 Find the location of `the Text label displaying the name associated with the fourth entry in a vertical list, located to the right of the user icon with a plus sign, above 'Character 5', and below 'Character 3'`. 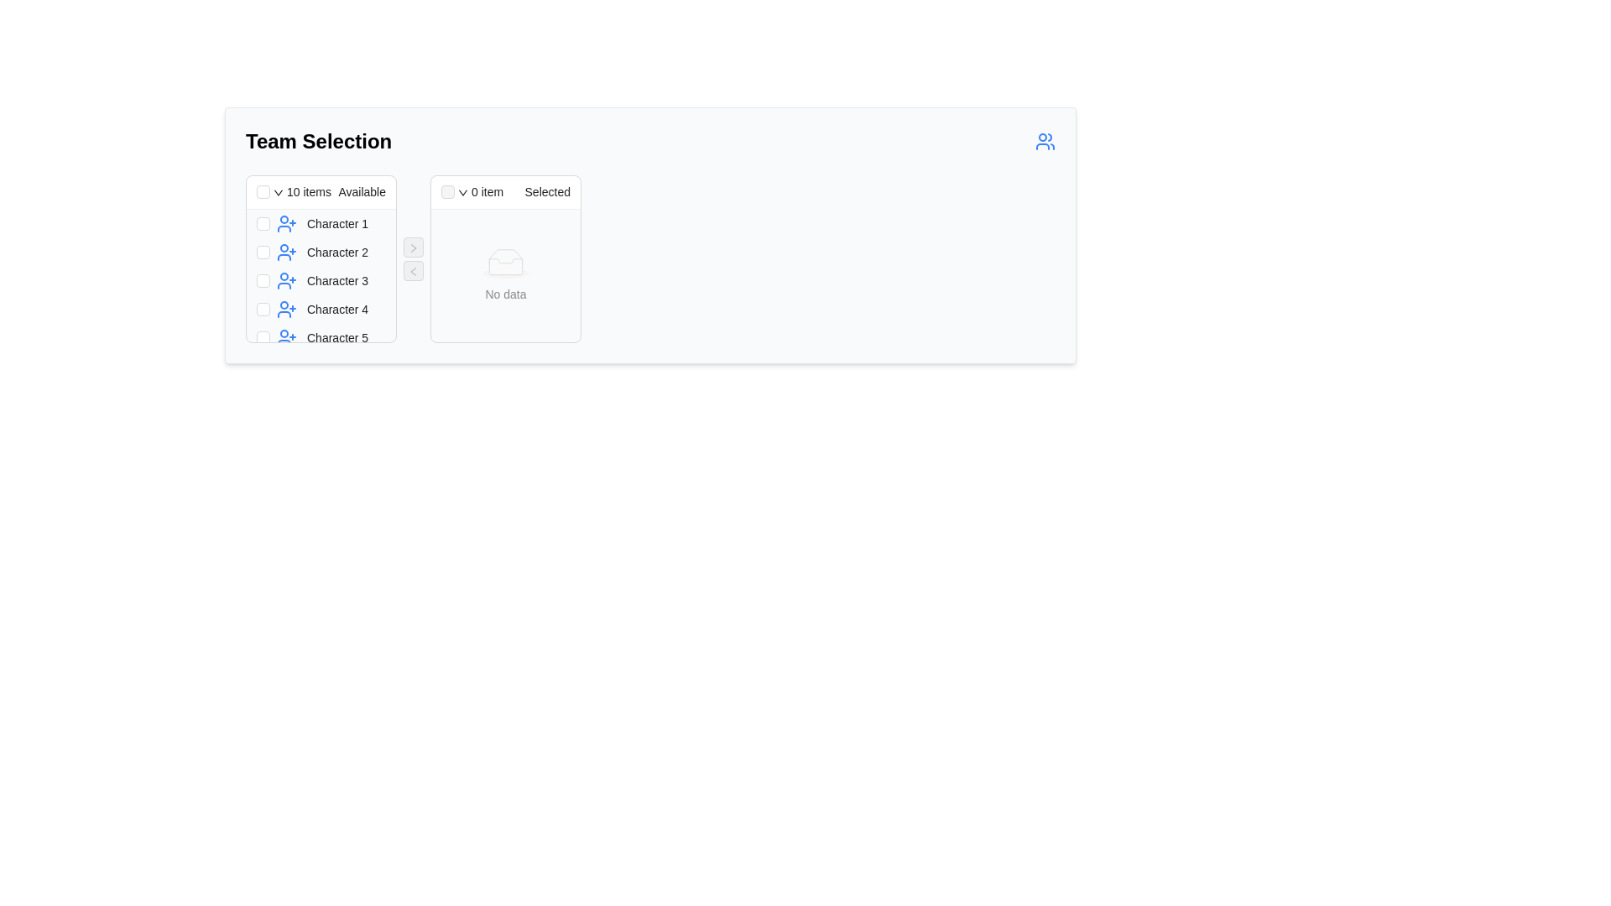

the Text label displaying the name associated with the fourth entry in a vertical list, located to the right of the user icon with a plus sign, above 'Character 5', and below 'Character 3' is located at coordinates (336, 310).